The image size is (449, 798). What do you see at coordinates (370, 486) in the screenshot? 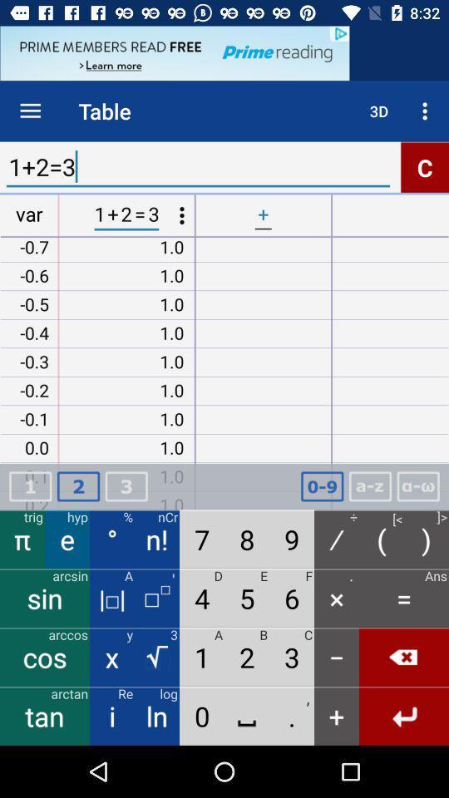
I see `open variable entry screen` at bounding box center [370, 486].